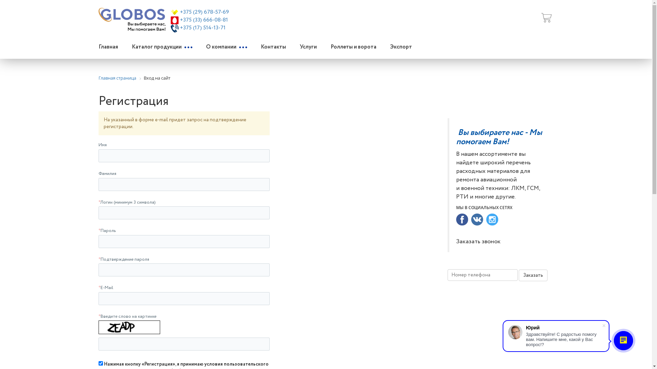 The width and height of the screenshot is (657, 369). Describe the element at coordinates (203, 19) in the screenshot. I see `'+375 (33) 666-08-81'` at that location.